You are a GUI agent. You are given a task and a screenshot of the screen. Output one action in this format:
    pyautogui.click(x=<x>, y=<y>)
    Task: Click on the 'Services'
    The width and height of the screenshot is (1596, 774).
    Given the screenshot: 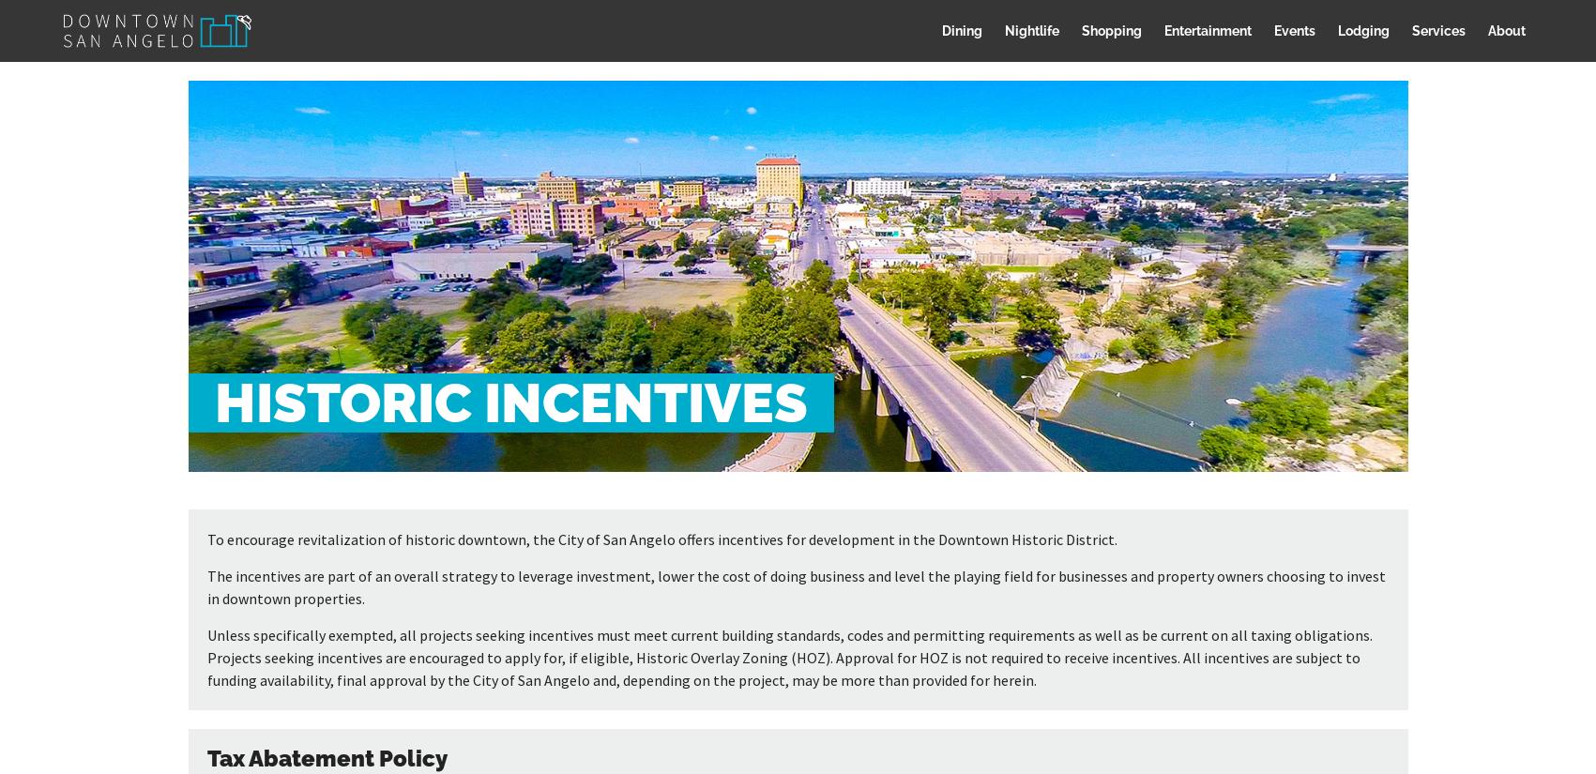 What is the action you would take?
    pyautogui.click(x=1437, y=29)
    